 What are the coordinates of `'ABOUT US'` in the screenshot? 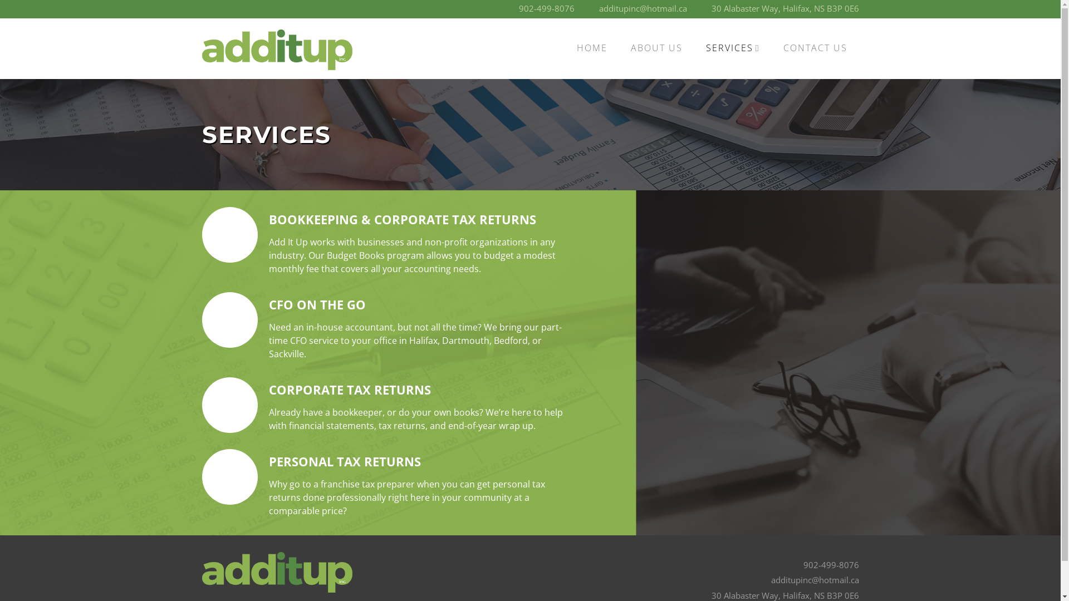 It's located at (656, 47).